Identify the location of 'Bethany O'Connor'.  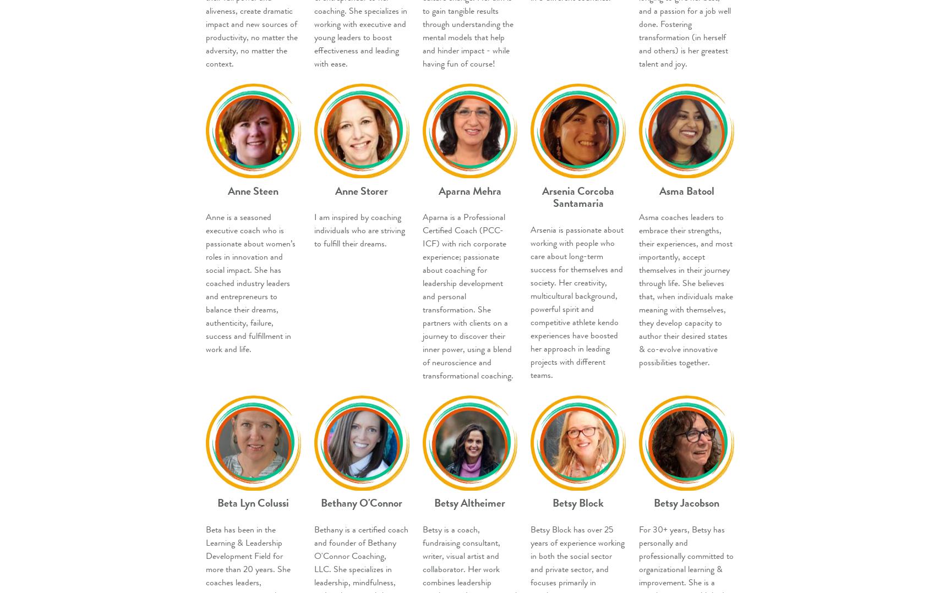
(362, 503).